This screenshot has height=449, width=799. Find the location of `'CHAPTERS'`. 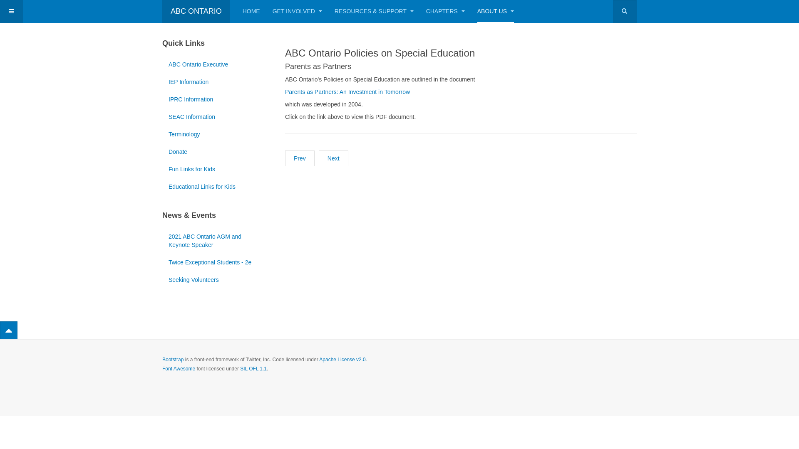

'CHAPTERS' is located at coordinates (445, 11).